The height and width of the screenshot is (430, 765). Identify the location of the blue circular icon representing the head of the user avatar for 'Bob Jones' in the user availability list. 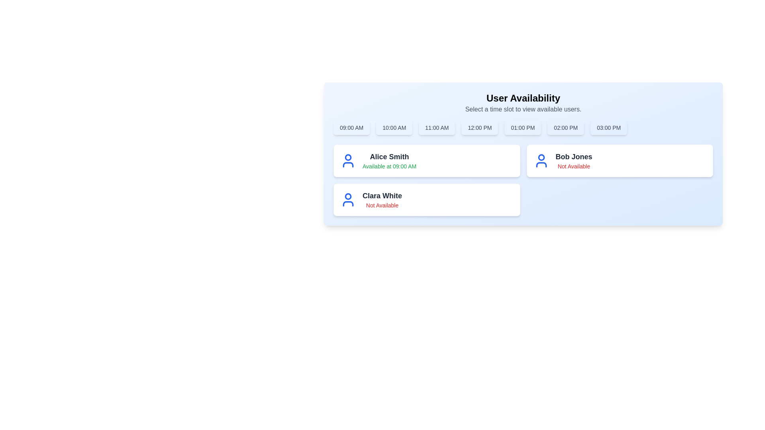
(541, 157).